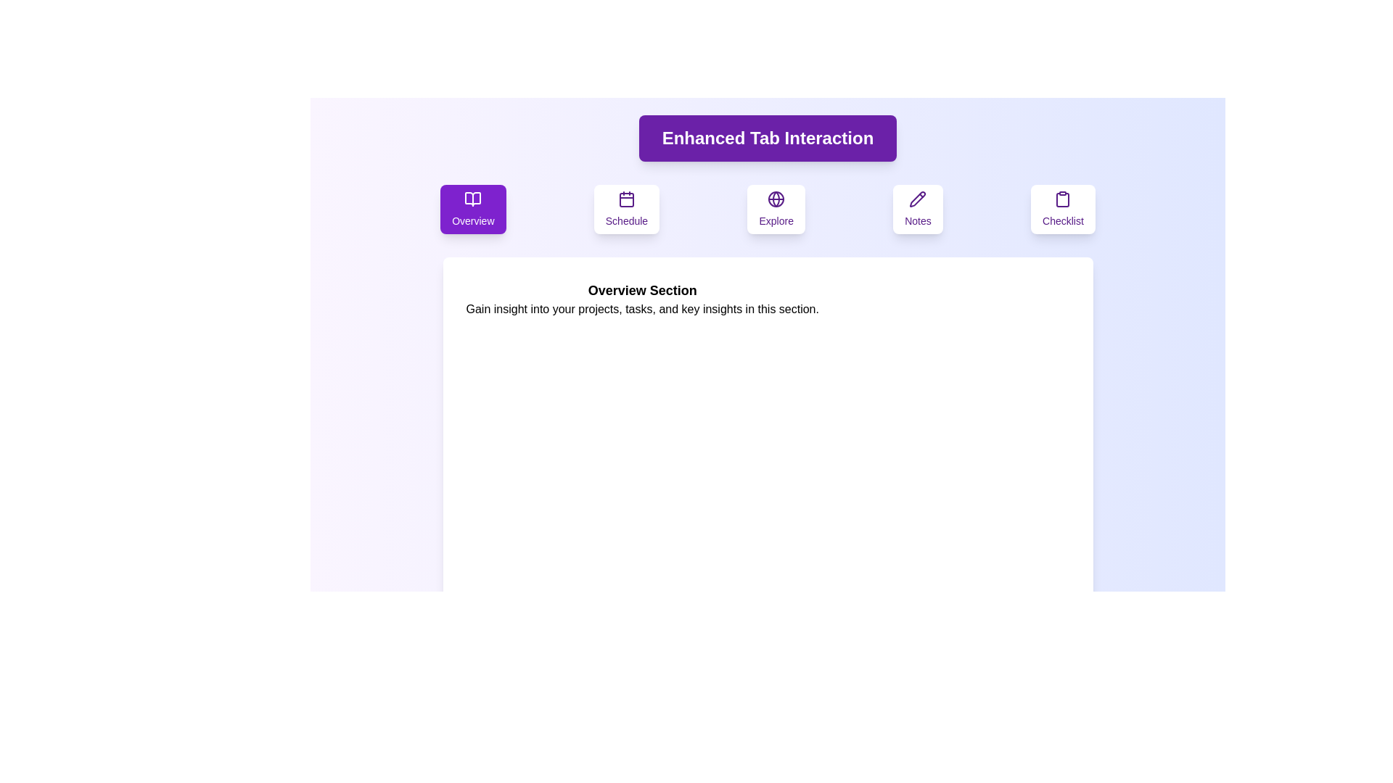 The height and width of the screenshot is (783, 1393). I want to click on the central rectangle of the calendar icon labeled 'Schedule' to trigger navigation to the schedule page, so click(627, 200).